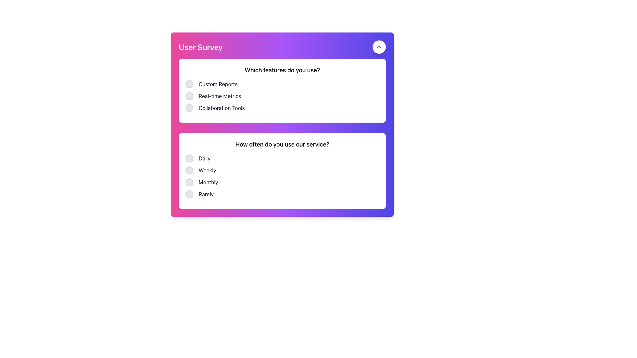 The width and height of the screenshot is (637, 358). Describe the element at coordinates (189, 182) in the screenshot. I see `the 'Monthly' radio button option in the survey form` at that location.